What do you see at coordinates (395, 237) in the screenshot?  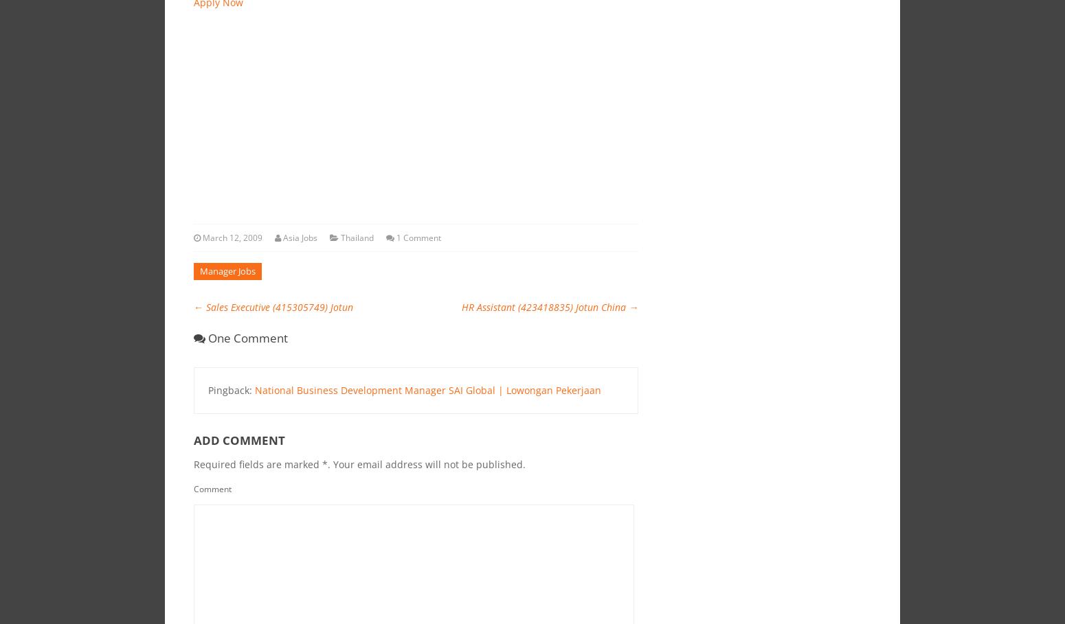 I see `'1 Comment'` at bounding box center [395, 237].